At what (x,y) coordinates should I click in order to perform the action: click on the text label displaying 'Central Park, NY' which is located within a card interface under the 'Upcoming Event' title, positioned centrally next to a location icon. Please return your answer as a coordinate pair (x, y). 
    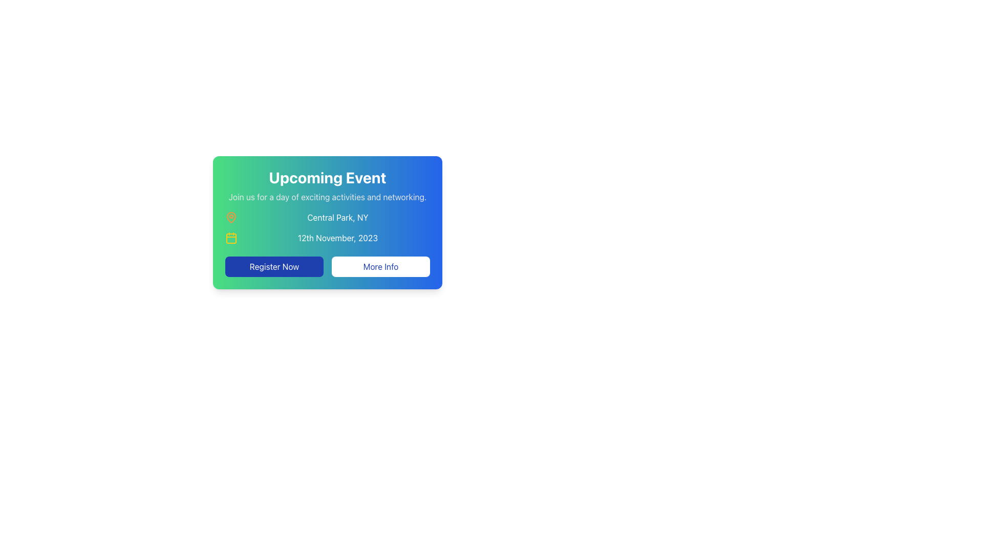
    Looking at the image, I should click on (338, 217).